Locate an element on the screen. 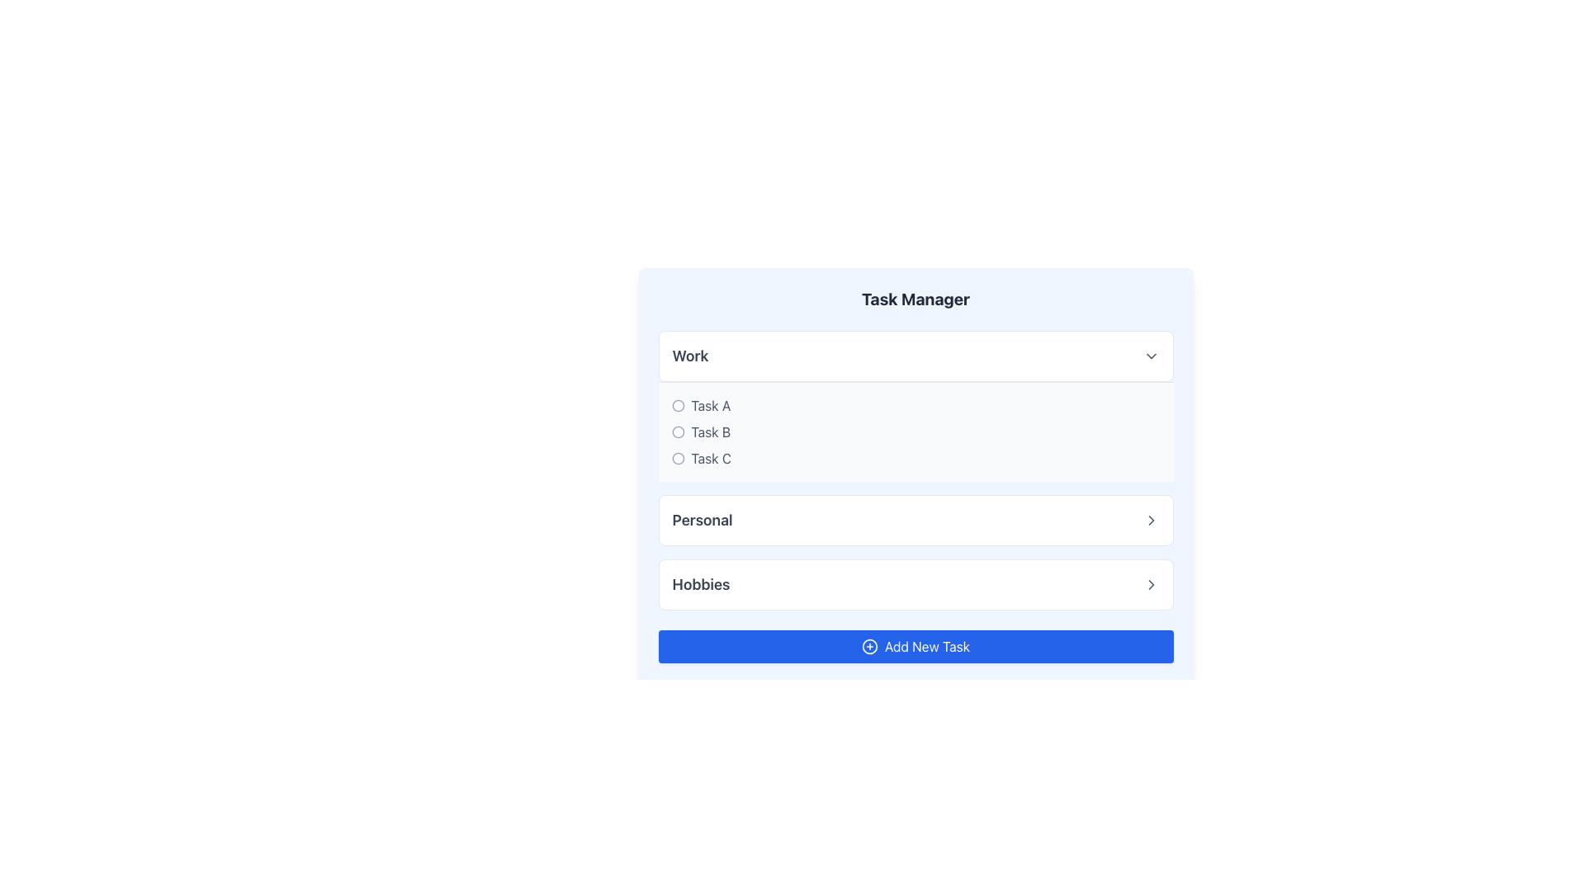  the rightward-pointing chevron icon, which is styled in a gray tone and is located next to the 'Personal' label, indicating a navigation or dropdown option is located at coordinates (1150, 521).